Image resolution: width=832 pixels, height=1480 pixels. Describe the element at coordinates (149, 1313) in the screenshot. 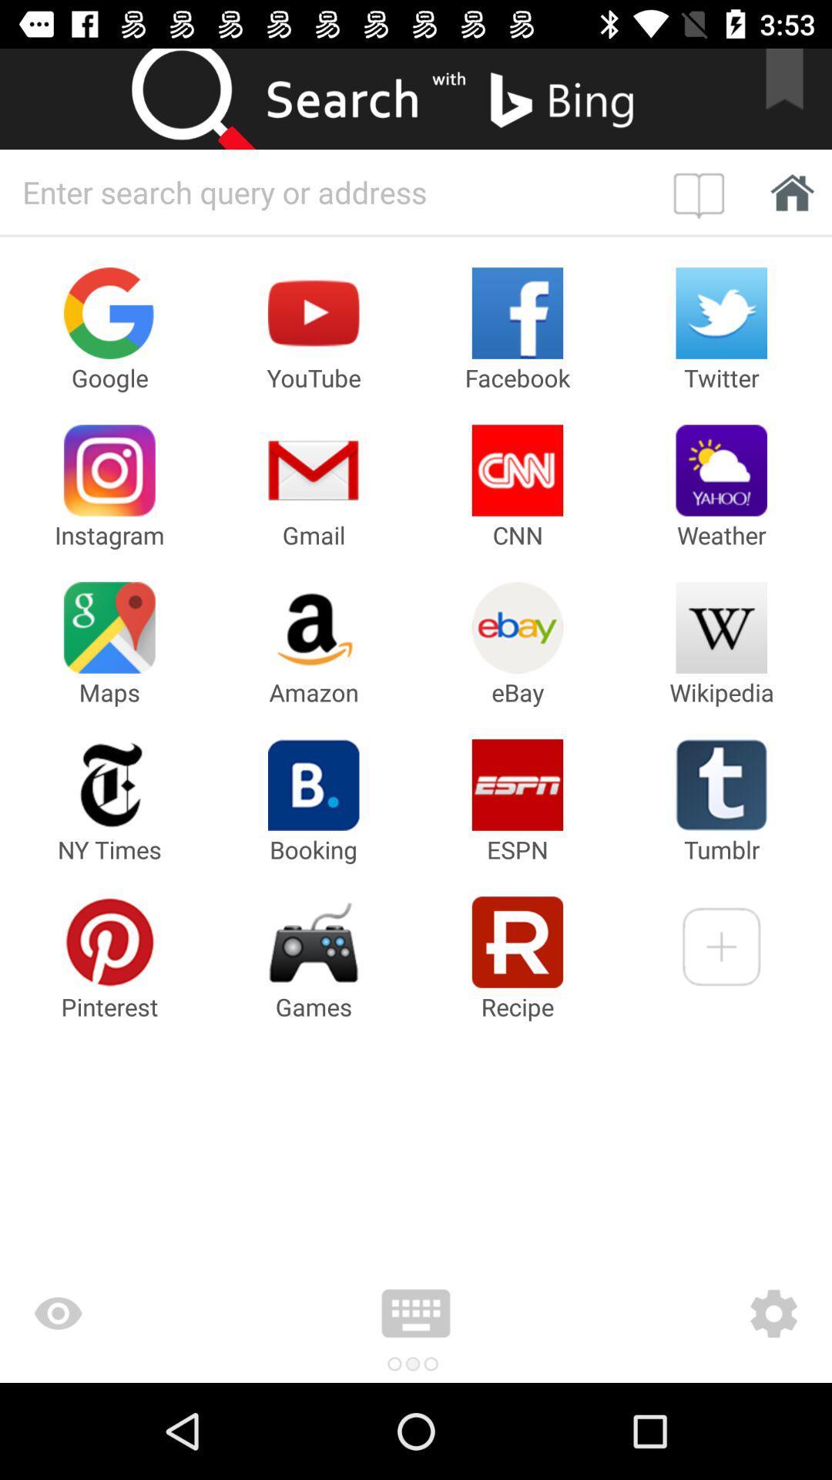

I see `icon below the pinterest item` at that location.